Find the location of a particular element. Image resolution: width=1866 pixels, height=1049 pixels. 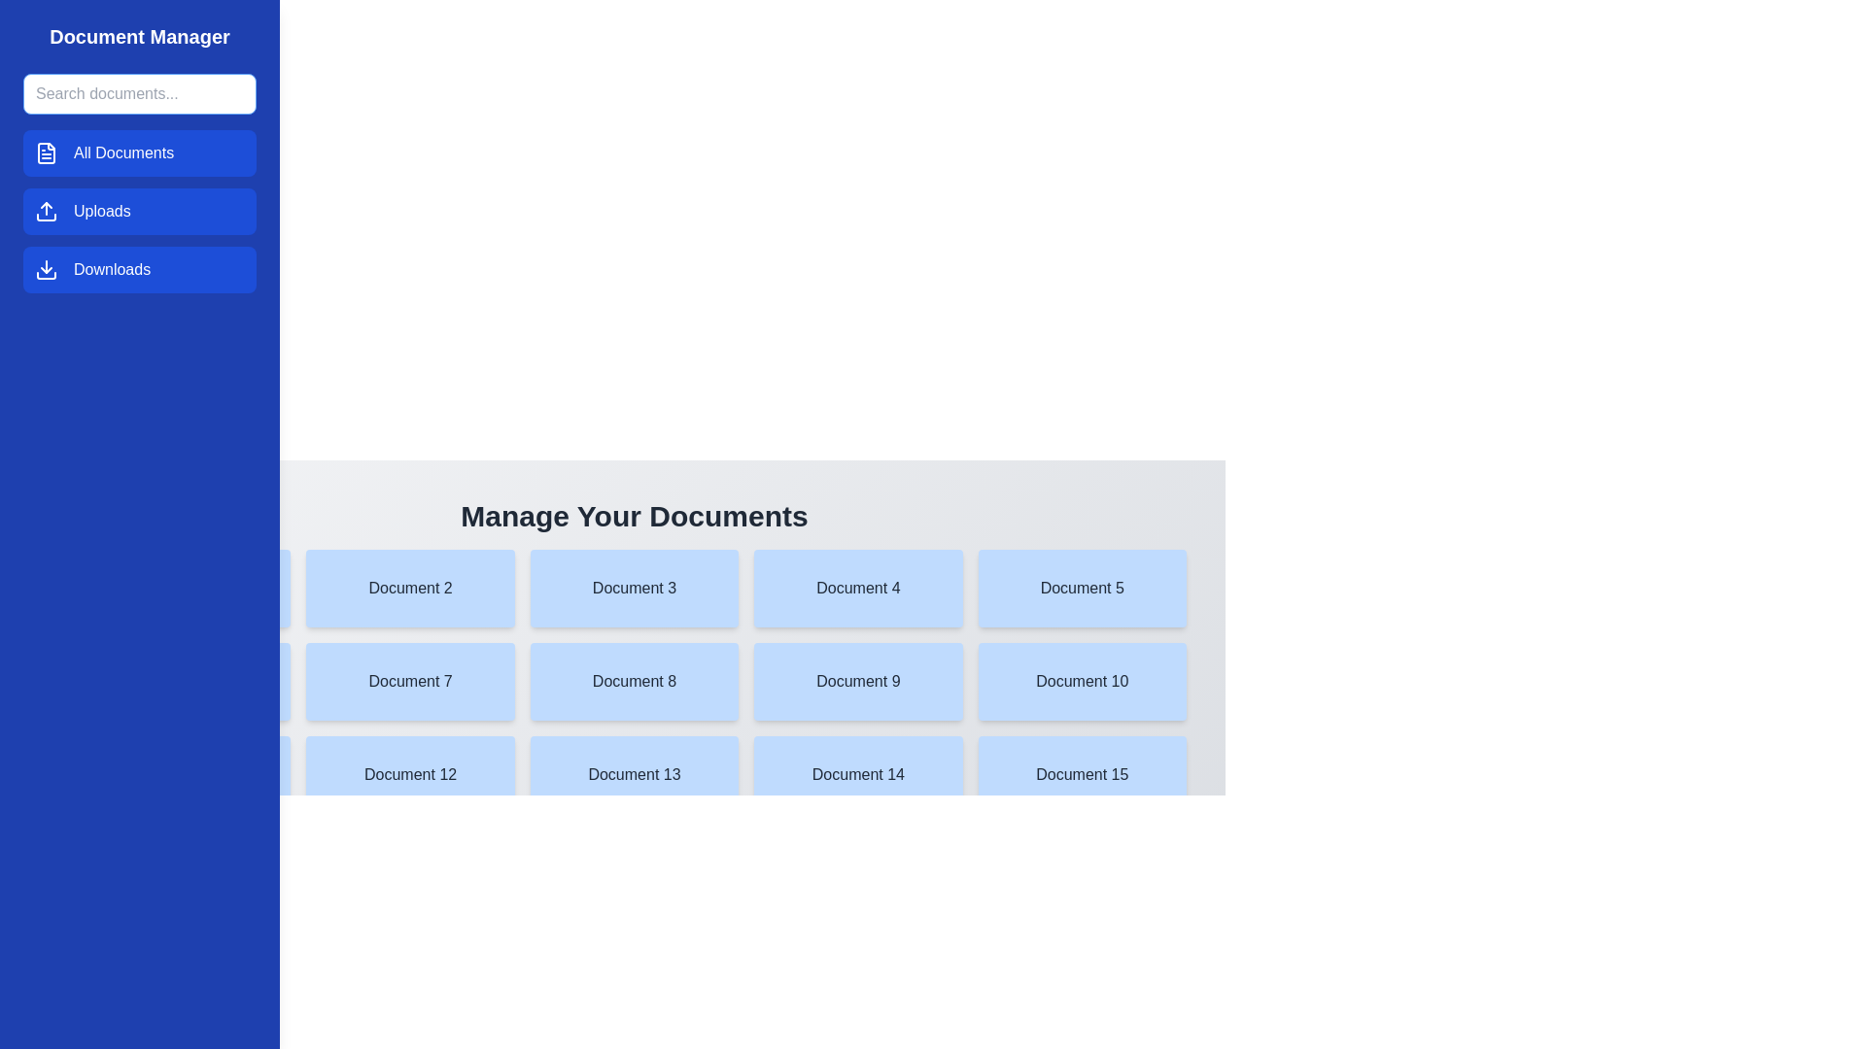

the document category Downloads from the list is located at coordinates (139, 269).